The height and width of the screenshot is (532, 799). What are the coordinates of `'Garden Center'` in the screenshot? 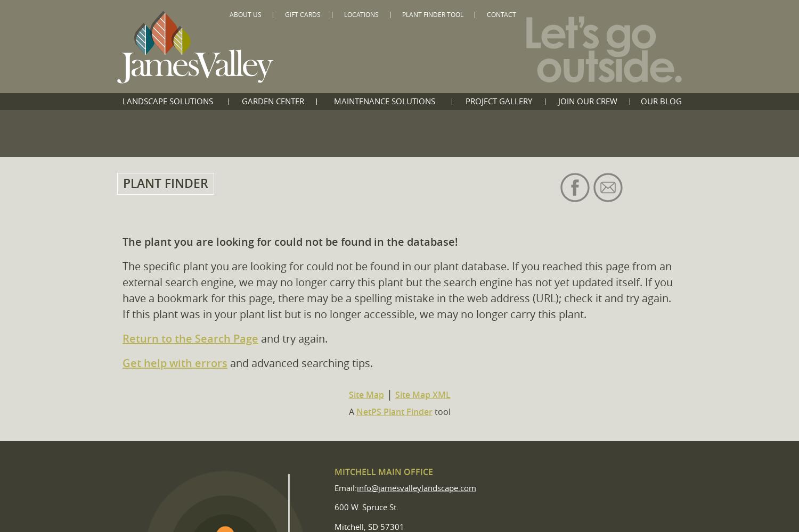 It's located at (241, 101).